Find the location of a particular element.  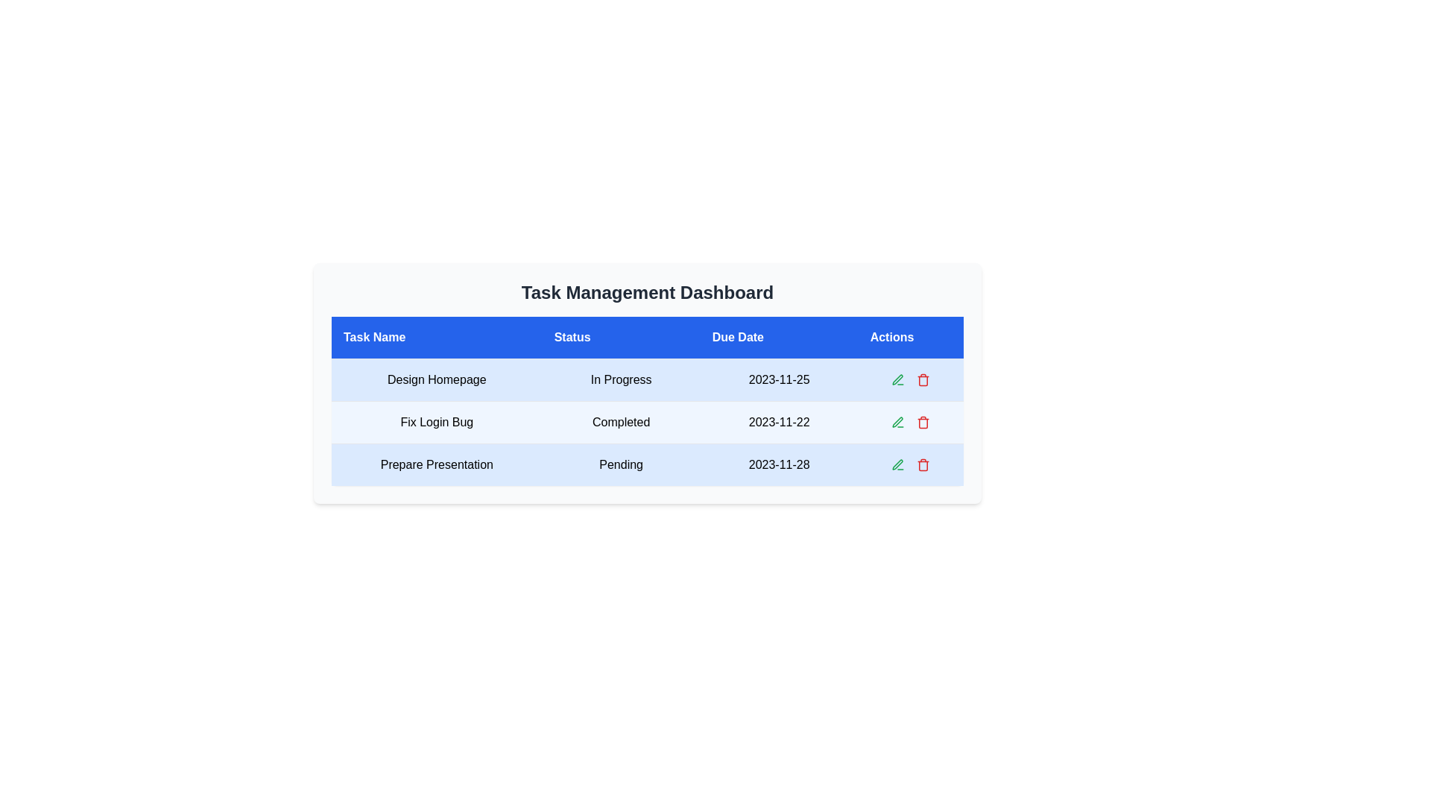

the text label reading 'Fix Login Bug' located in the second row of the table under the 'Task Name' column, which is centered in a light blue cell is located at coordinates (436, 423).